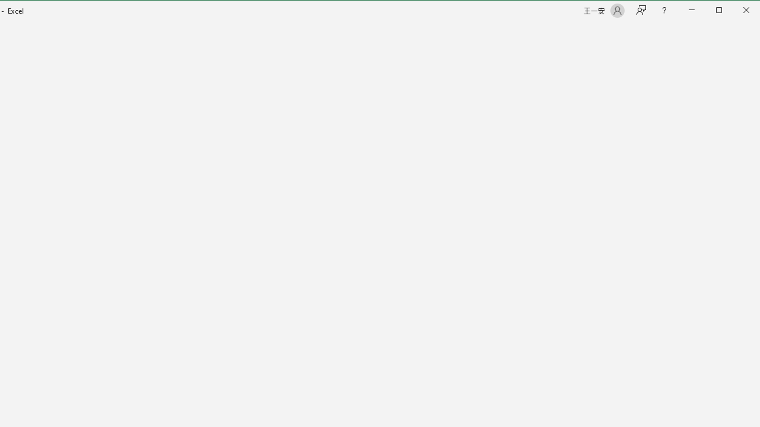 The height and width of the screenshot is (427, 760). I want to click on 'Maximize', so click(735, 11).